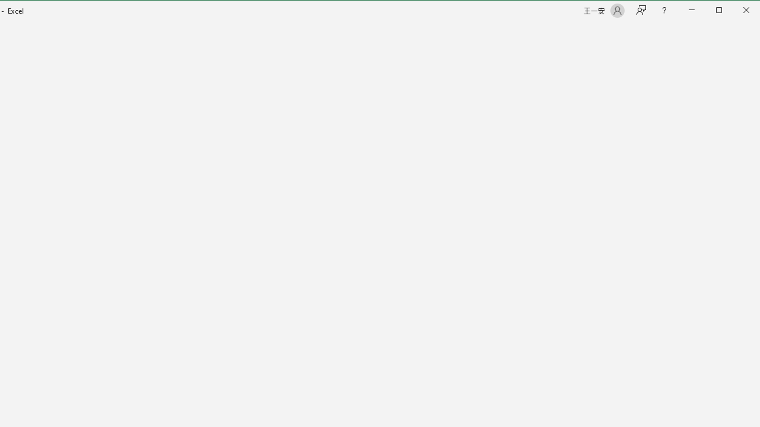 The height and width of the screenshot is (427, 760). I want to click on 'Maximize', so click(735, 11).